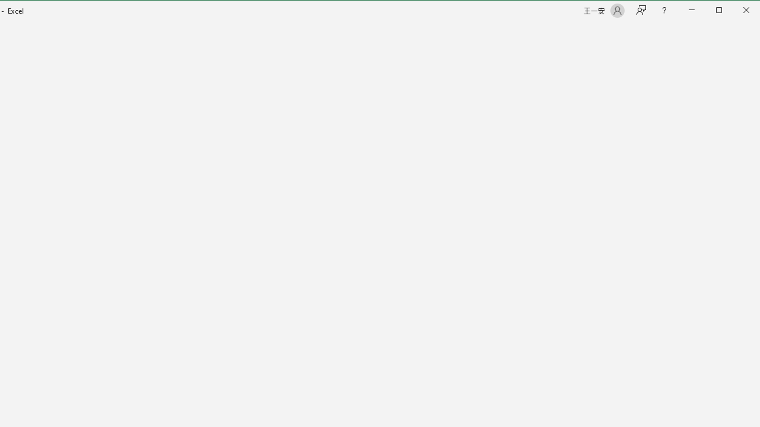 The height and width of the screenshot is (427, 760). I want to click on 'Maximize', so click(735, 11).